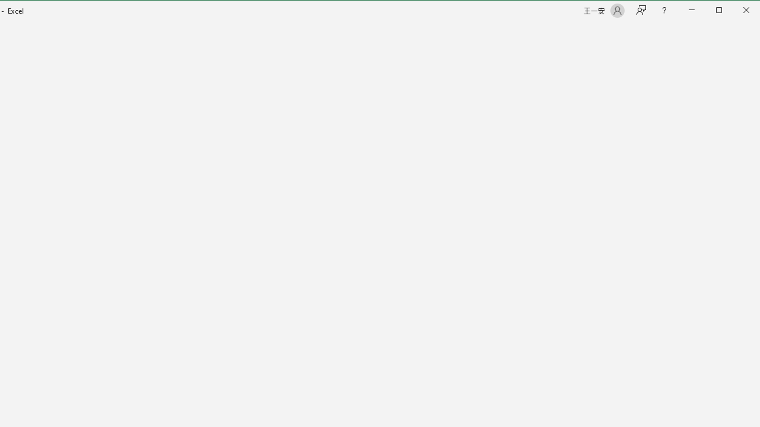 The height and width of the screenshot is (427, 760). I want to click on 'Maximize', so click(735, 11).